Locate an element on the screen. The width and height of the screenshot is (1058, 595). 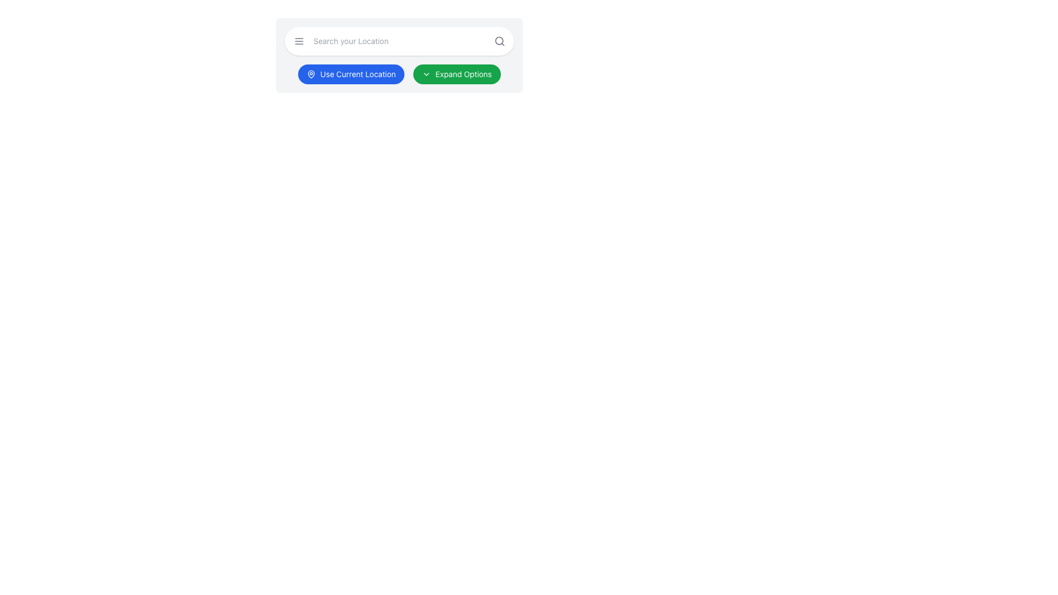
either the 'Use Current Location' button (blue with a location pin icon) or the 'Expand Options' button (green with a downward arrow icon) in the composite element located below the search bar is located at coordinates (398, 74).